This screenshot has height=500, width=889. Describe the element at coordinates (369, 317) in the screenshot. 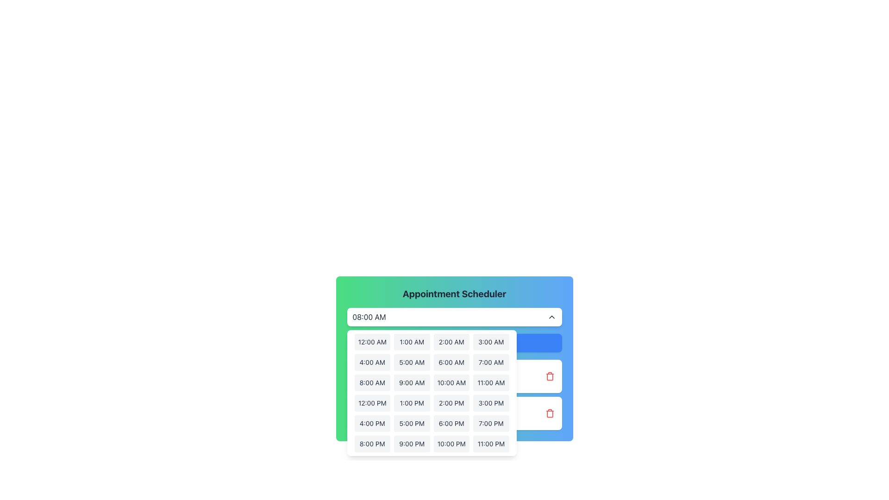

I see `the text label that represents the currently selected time in the appointment scheduler` at that location.